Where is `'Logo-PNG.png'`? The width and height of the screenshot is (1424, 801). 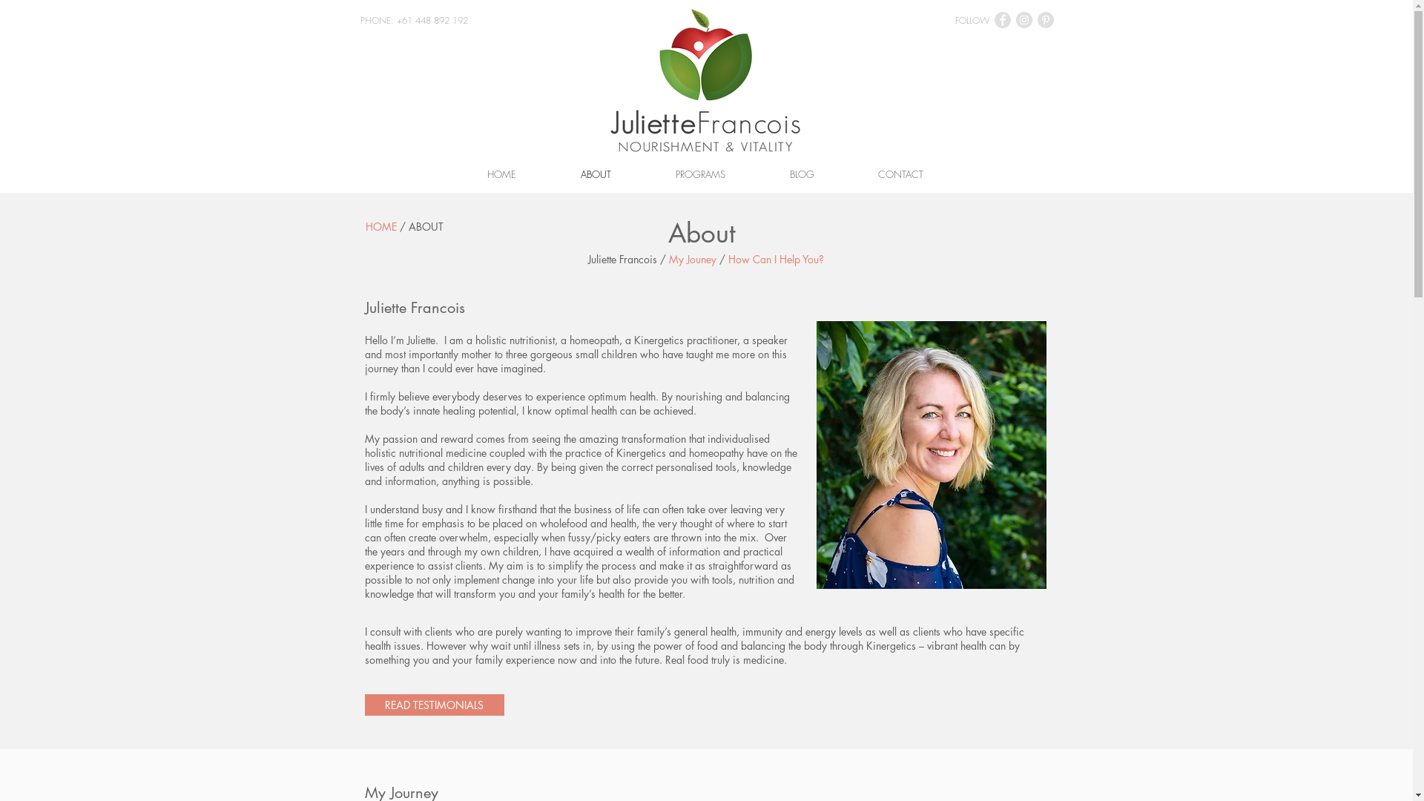
'Logo-PNG.png' is located at coordinates (705, 80).